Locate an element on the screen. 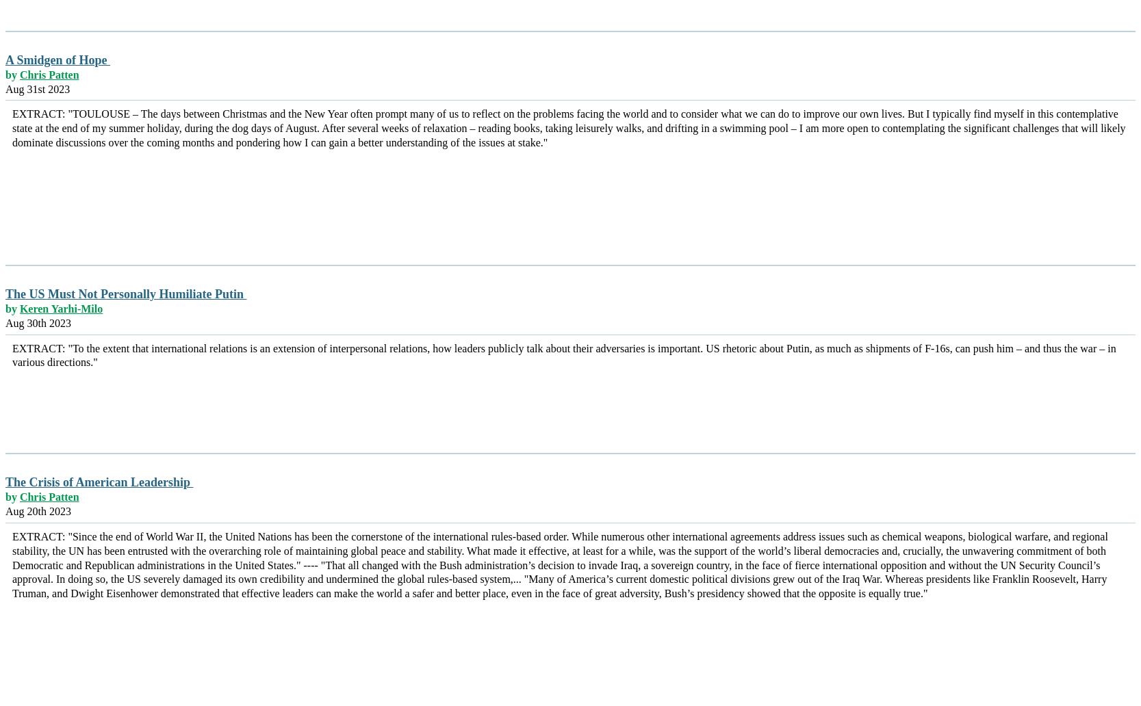  'Keren Yarhi-Milo' is located at coordinates (60, 308).